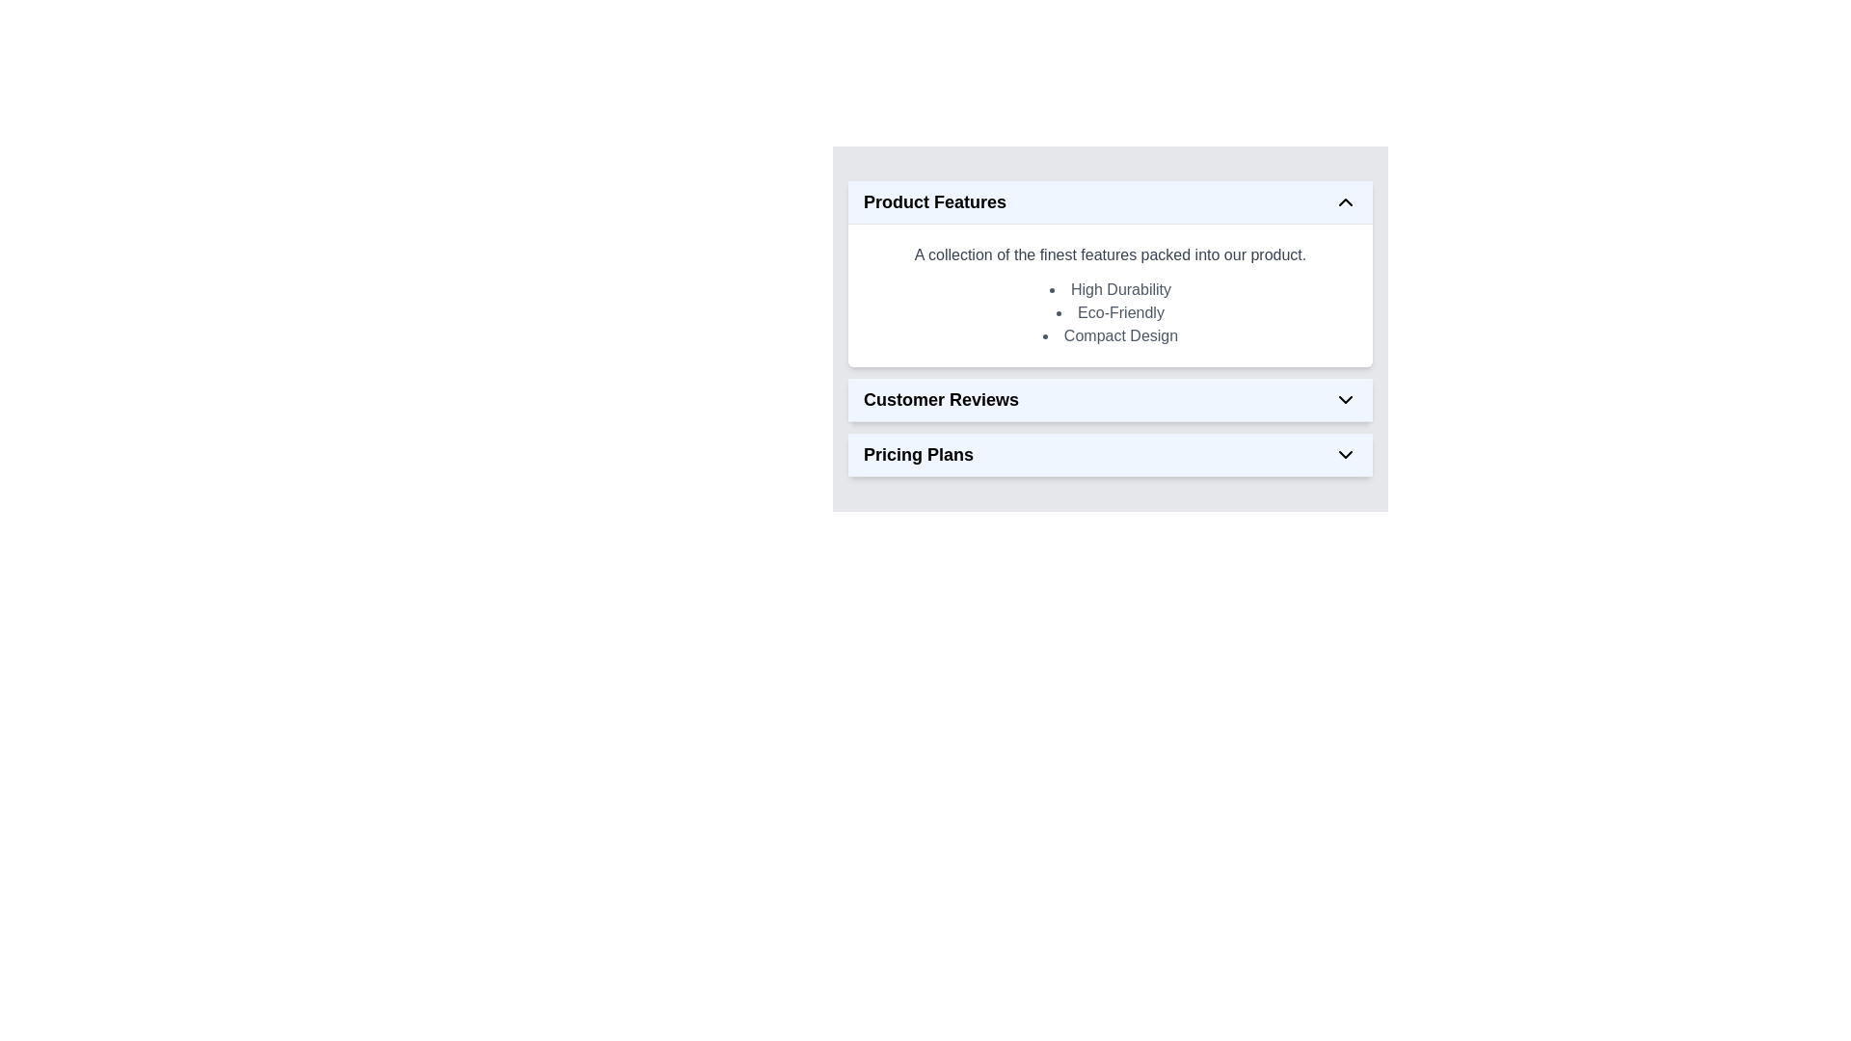  Describe the element at coordinates (934, 201) in the screenshot. I see `the 'Product Features' section label in the accordion menu, which is a left-aligned text component preceding the downward-pointing arrow` at that location.